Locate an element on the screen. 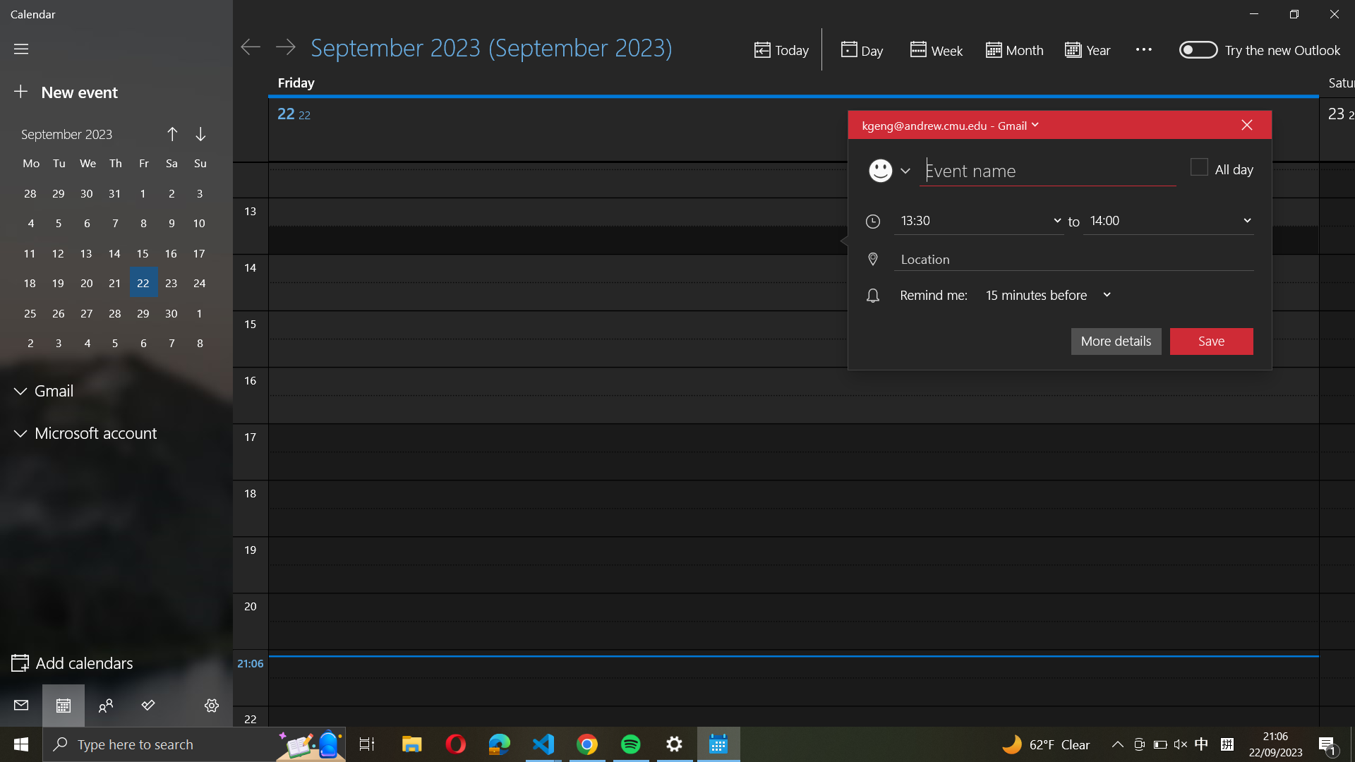 Image resolution: width=1355 pixels, height=762 pixels. "more details" to explore the current event is located at coordinates (1115, 339).